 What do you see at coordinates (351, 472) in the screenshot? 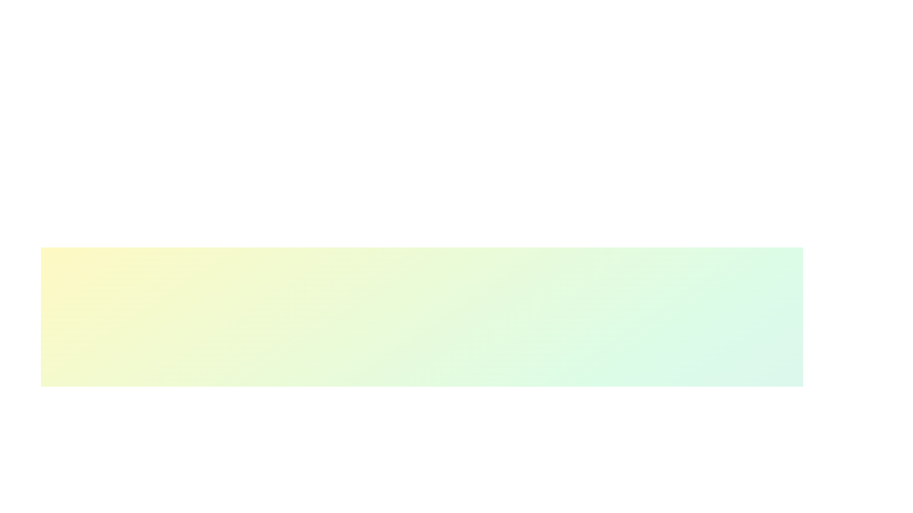
I see `the skill progress slider for 0 to 17%` at bounding box center [351, 472].